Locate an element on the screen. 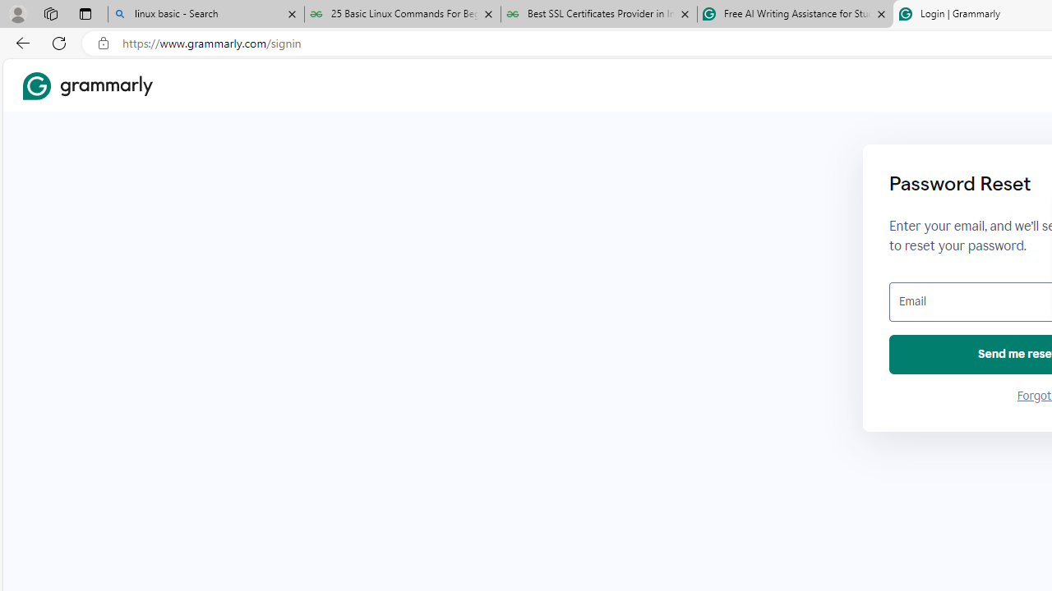 This screenshot has width=1052, height=591. 'Grammarly Home' is located at coordinates (86, 85).